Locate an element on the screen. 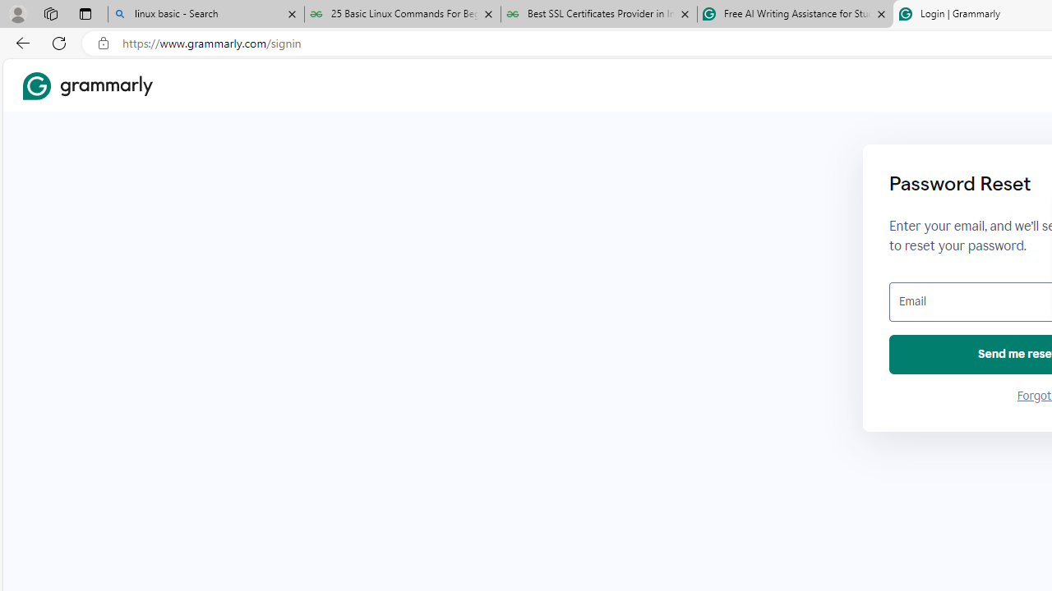 This screenshot has width=1052, height=591. 'Grammarly Home' is located at coordinates (86, 85).